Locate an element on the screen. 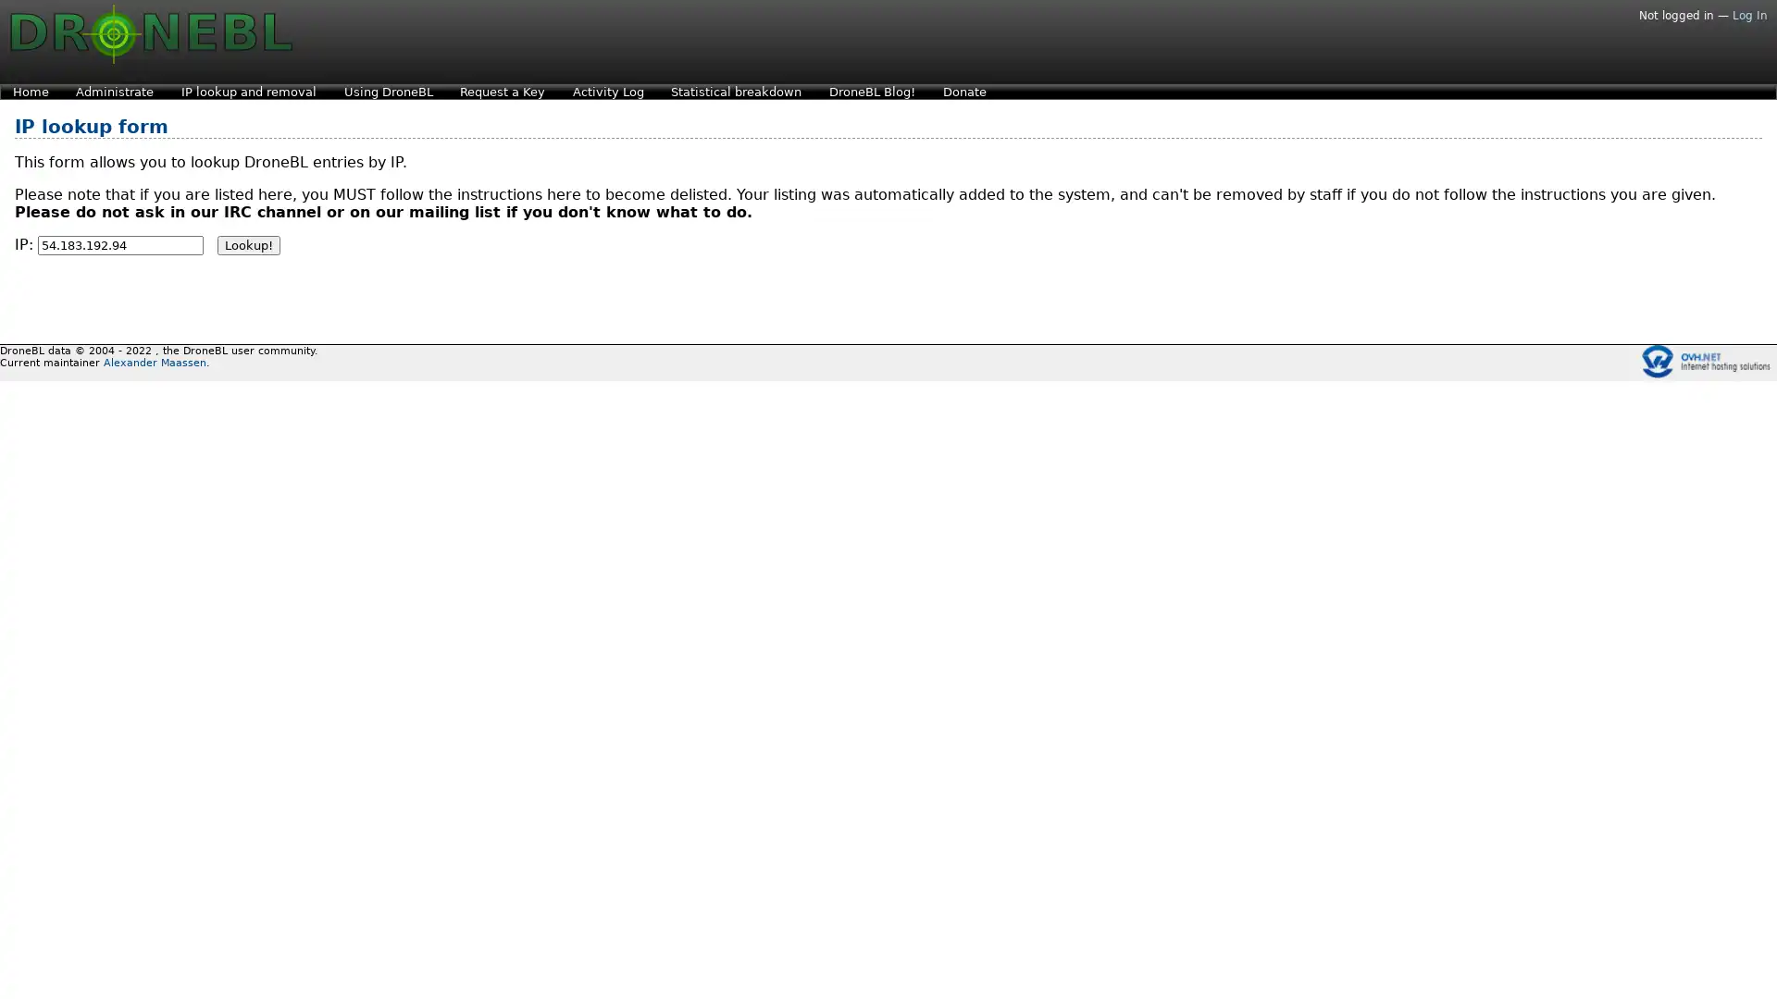  Lookup! is located at coordinates (247, 244).